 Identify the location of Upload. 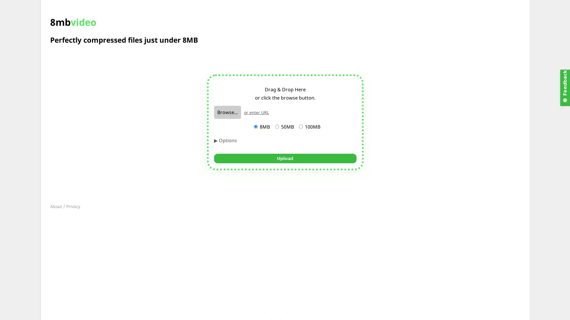
(285, 158).